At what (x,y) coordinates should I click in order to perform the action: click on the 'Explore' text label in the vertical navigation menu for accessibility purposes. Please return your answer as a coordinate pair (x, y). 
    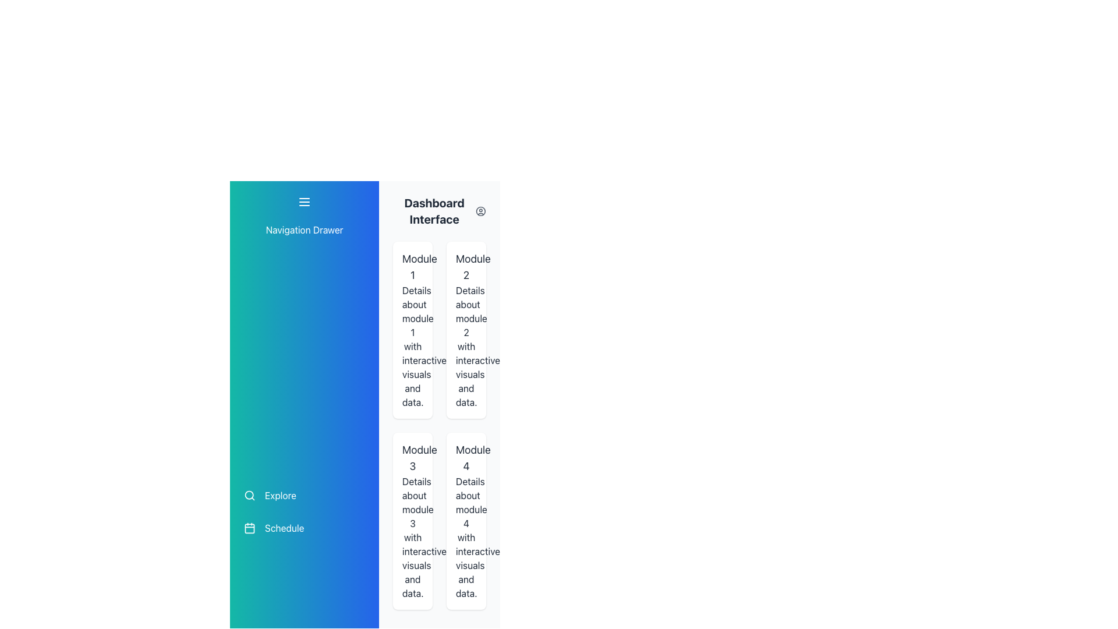
    Looking at the image, I should click on (280, 496).